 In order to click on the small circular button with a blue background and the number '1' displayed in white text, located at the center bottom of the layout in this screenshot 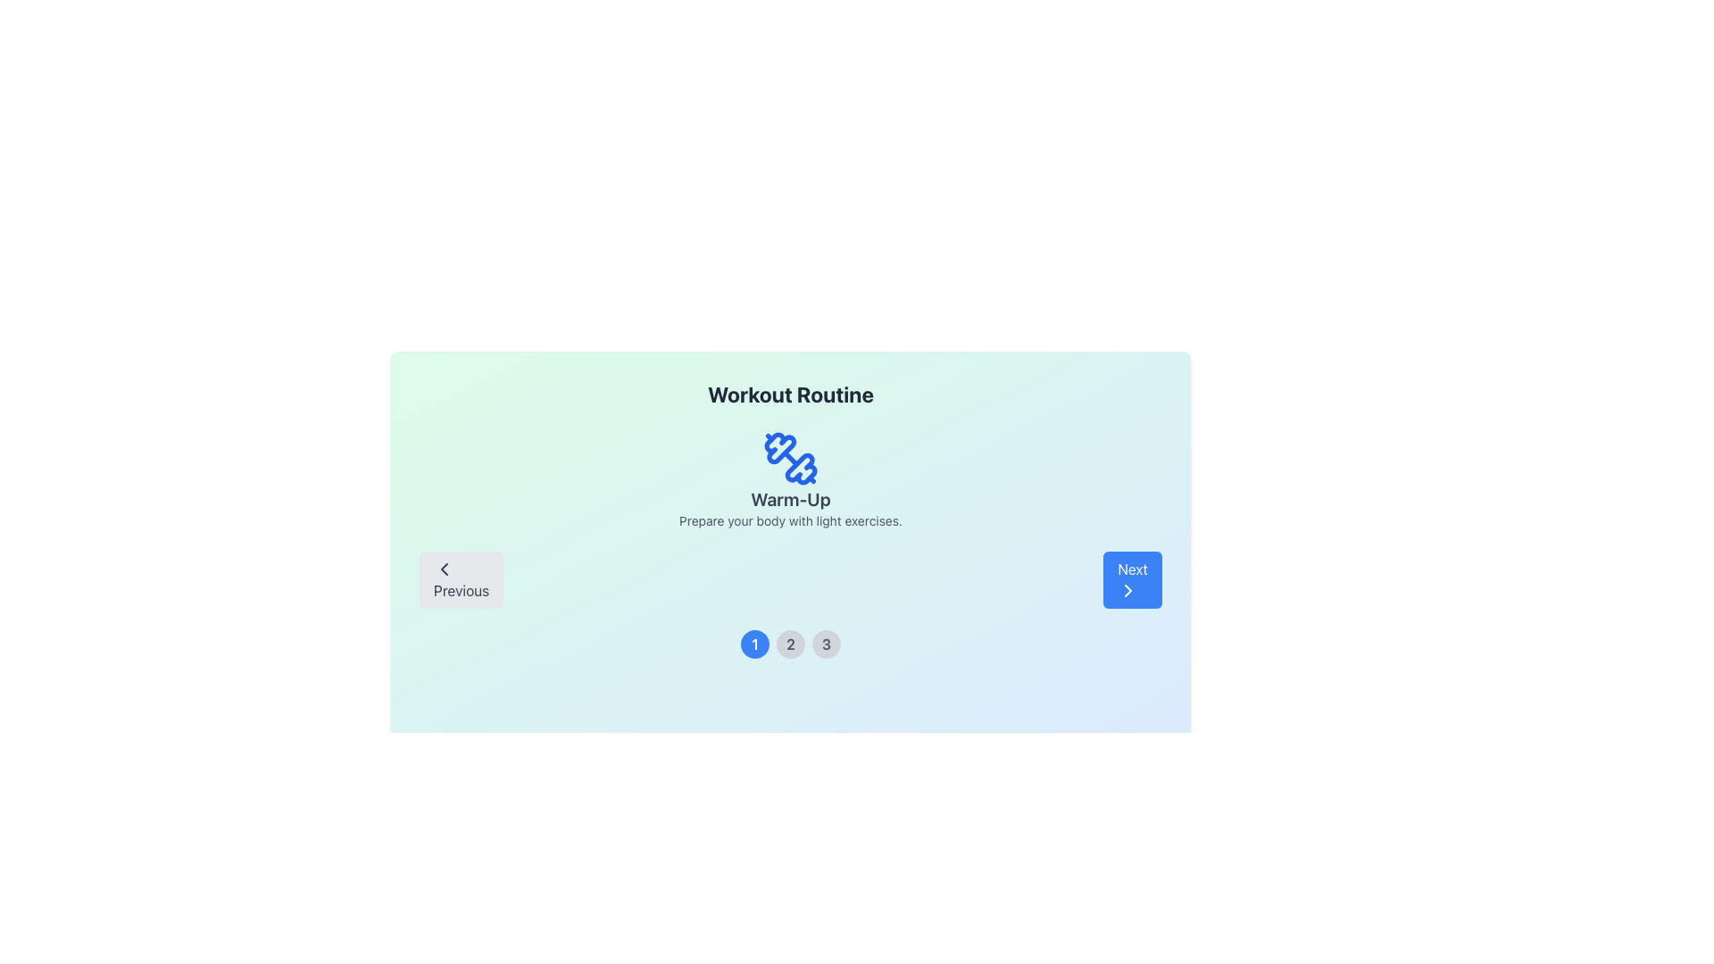, I will do `click(754, 644)`.